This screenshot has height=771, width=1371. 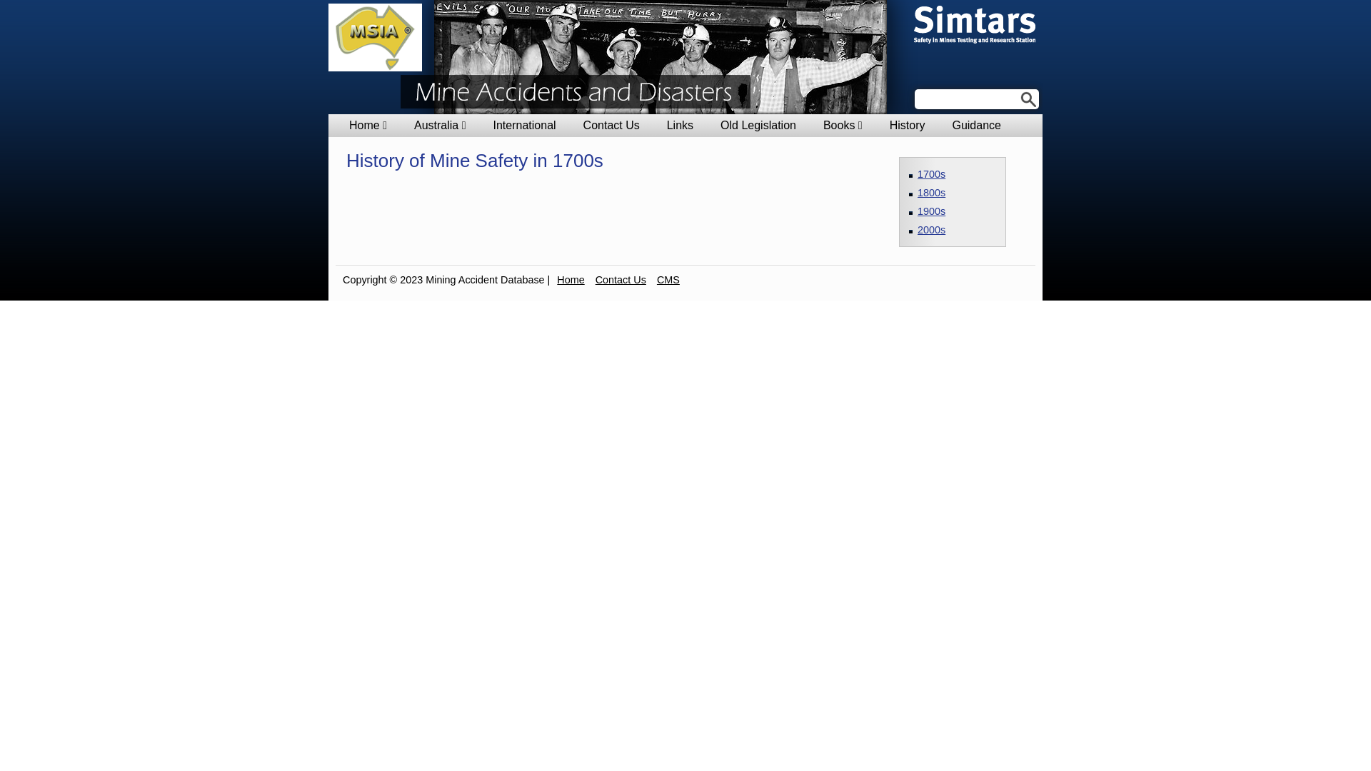 What do you see at coordinates (931, 228) in the screenshot?
I see `'2000s'` at bounding box center [931, 228].